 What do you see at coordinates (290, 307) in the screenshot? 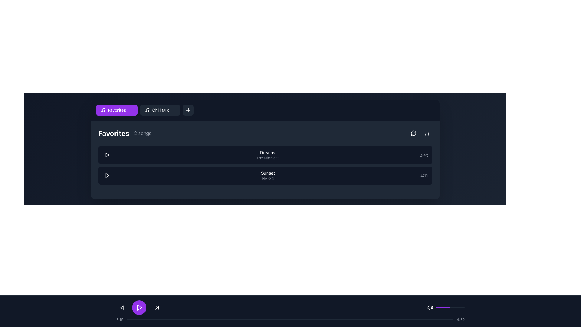
I see `the control panel located at the bottom of the interface, centered horizontally and close to the purple play button` at bounding box center [290, 307].